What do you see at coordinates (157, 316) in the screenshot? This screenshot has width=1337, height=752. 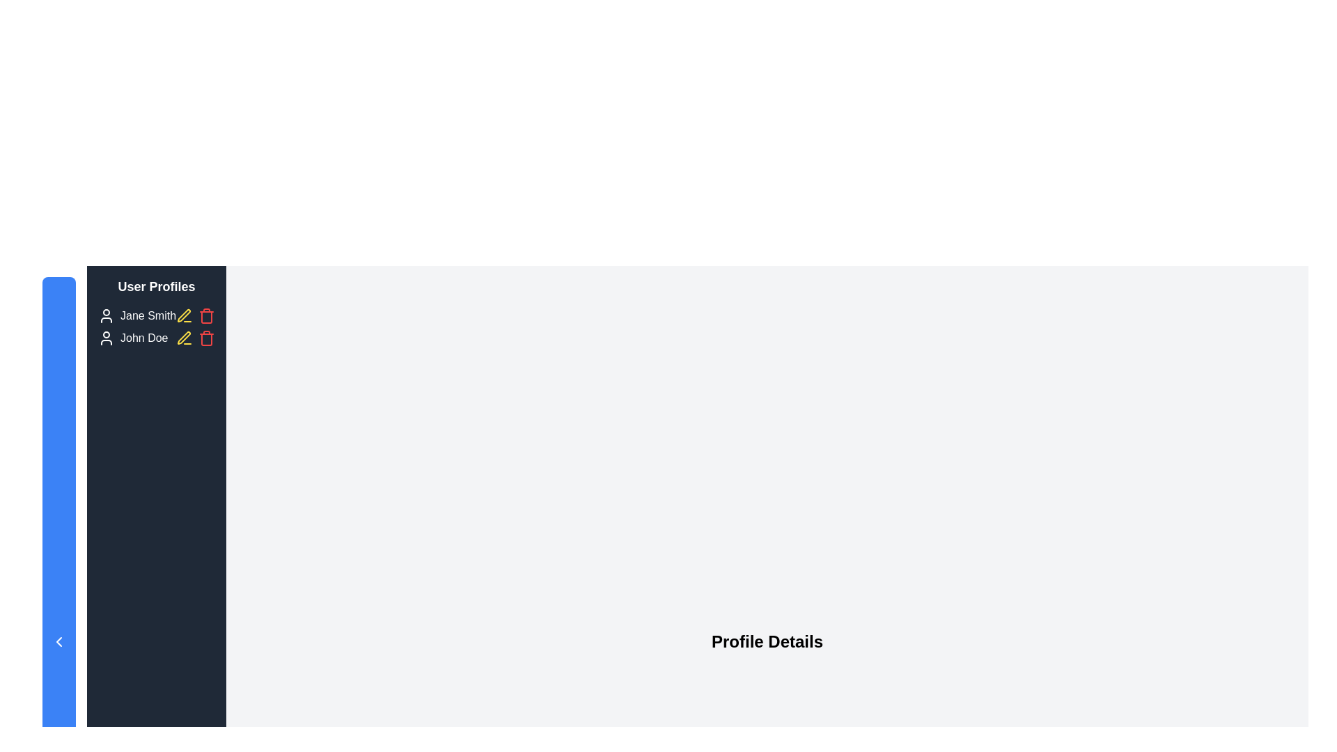 I see `the user profile name label located in the first row of the user profile list on the left sidebar` at bounding box center [157, 316].